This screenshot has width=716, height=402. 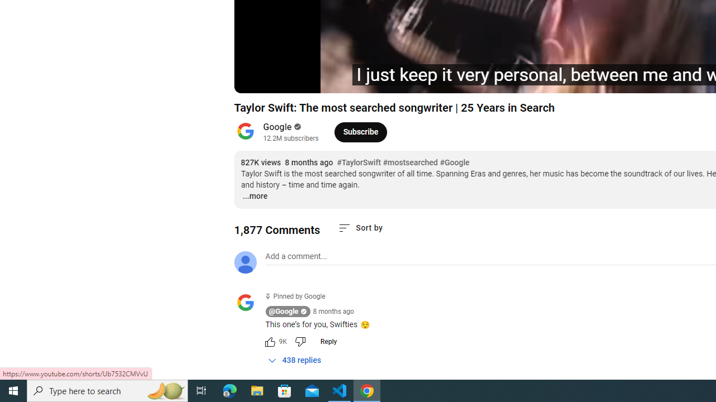 I want to click on 'AutomationID: simplebox-placeholder', so click(x=296, y=256).